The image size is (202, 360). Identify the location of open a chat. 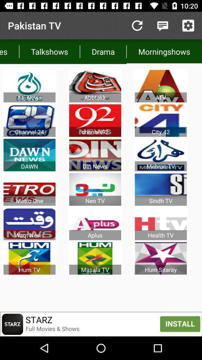
(162, 25).